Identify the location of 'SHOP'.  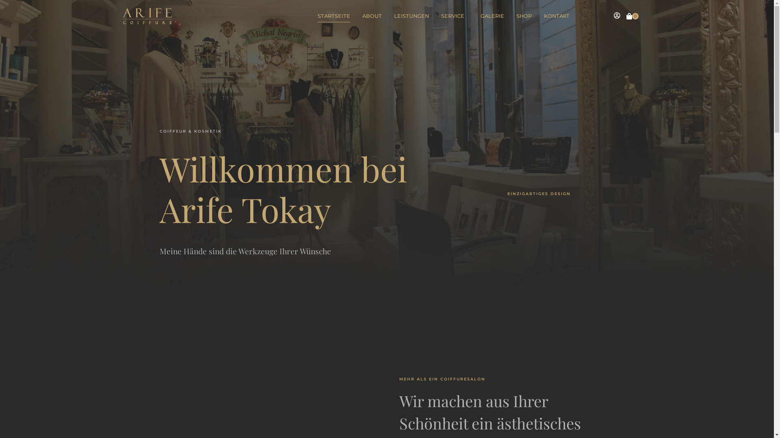
(516, 16).